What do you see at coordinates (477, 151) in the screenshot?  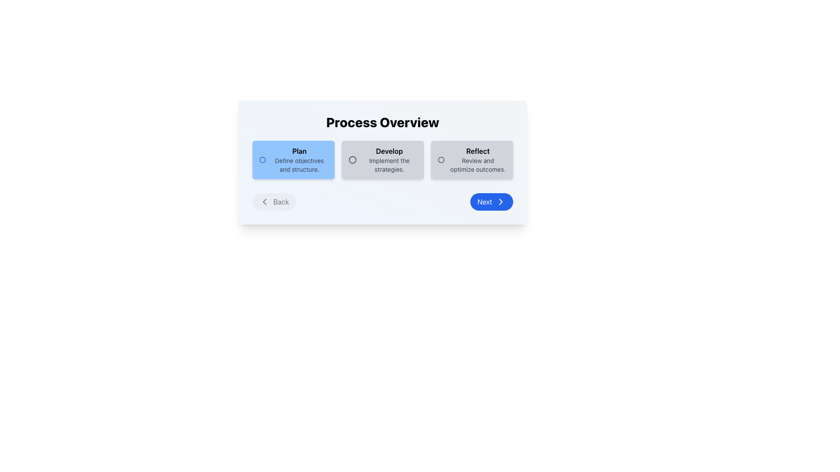 I see `the 'Reflect' text label located in the third option card under the heading 'Process Overview'` at bounding box center [477, 151].